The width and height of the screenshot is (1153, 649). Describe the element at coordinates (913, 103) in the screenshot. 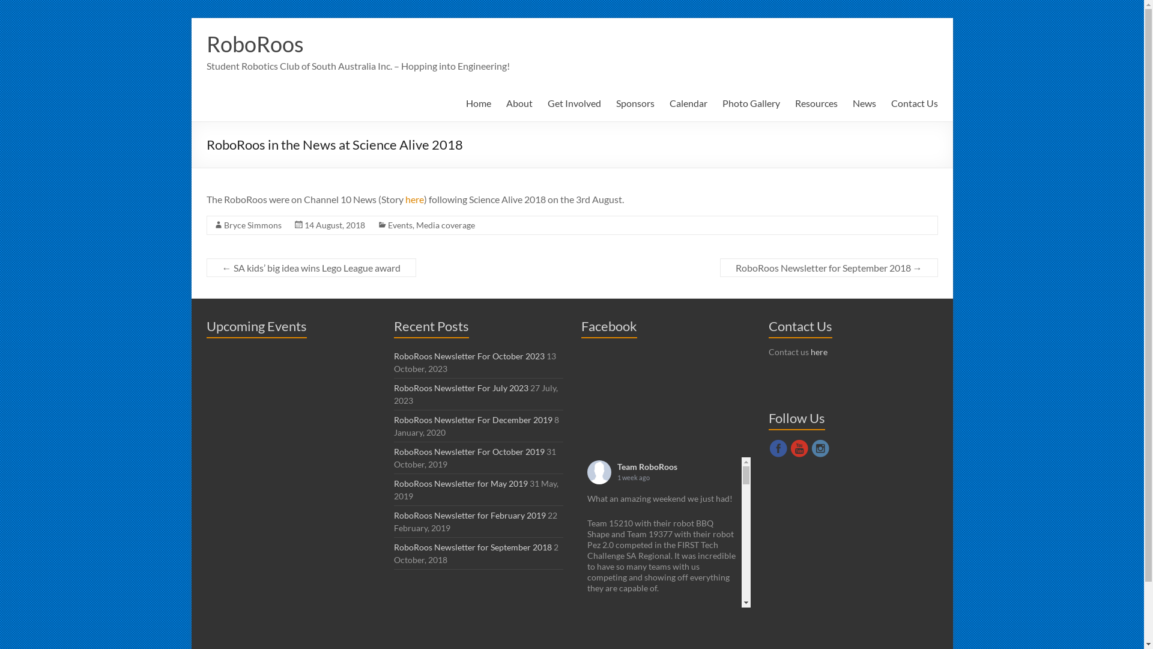

I see `'Contact Us'` at that location.